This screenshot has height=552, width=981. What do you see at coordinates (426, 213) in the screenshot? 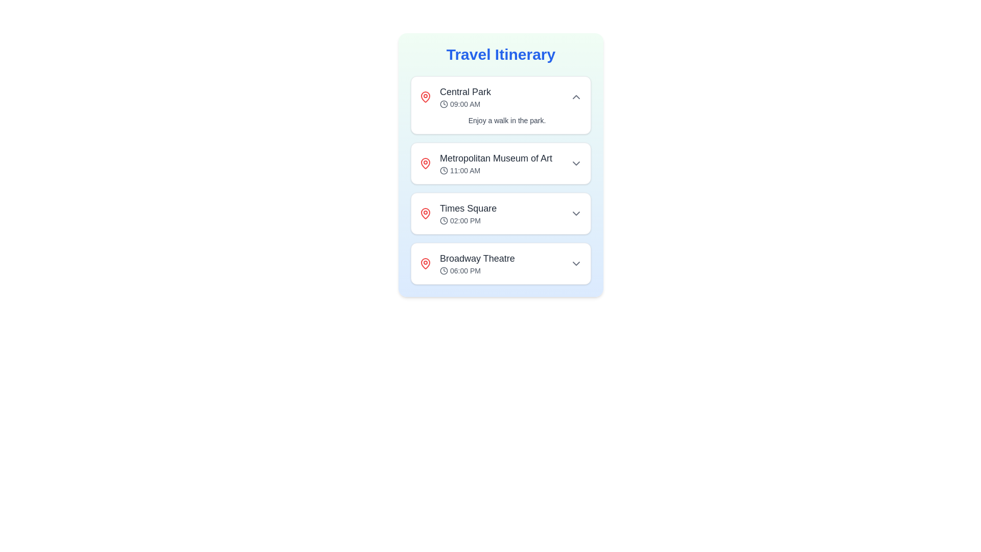
I see `the red map pin icon representing the geographical location marker for 'Times Square', which is positioned to the left of the location name and time text` at bounding box center [426, 213].